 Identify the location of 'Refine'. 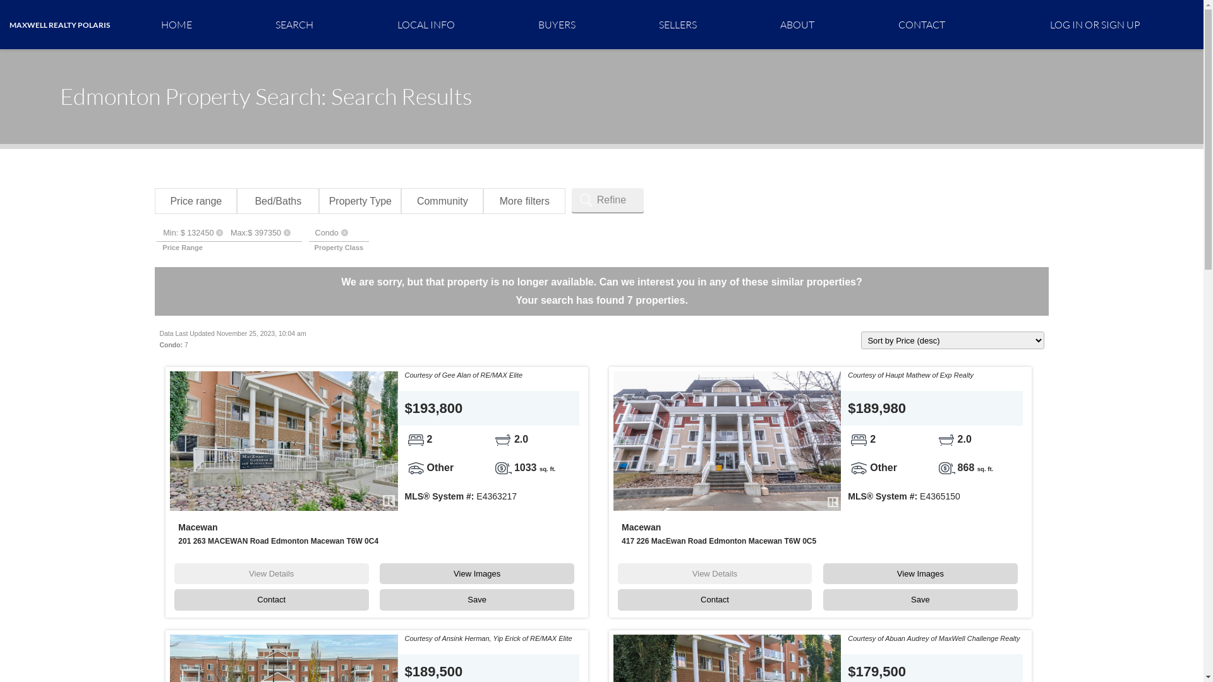
(608, 199).